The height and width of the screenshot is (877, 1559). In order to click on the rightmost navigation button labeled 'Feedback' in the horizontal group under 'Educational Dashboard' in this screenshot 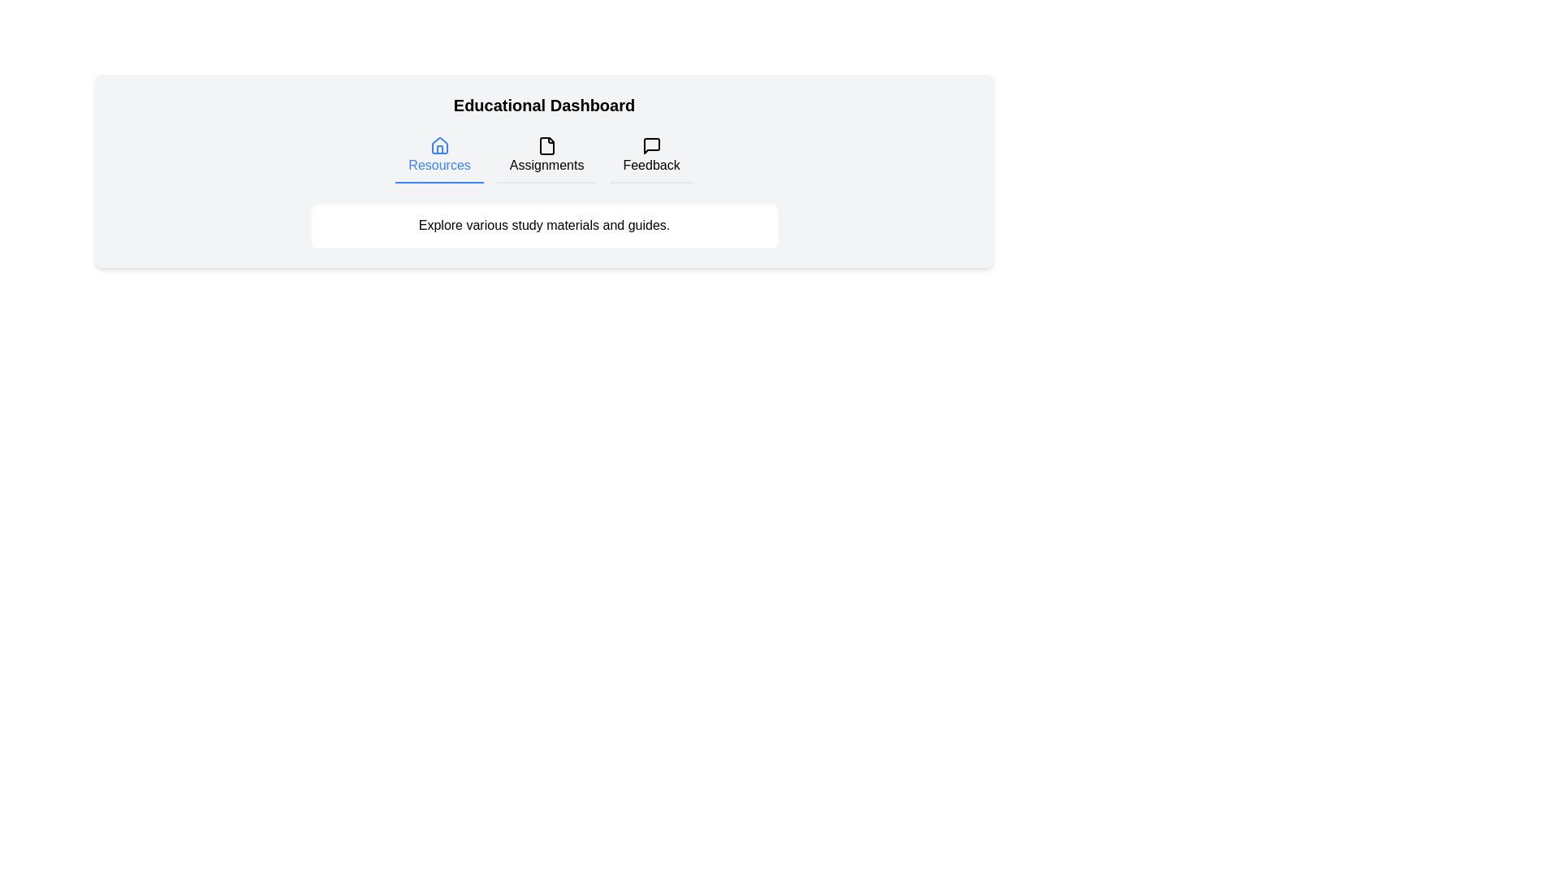, I will do `click(651, 156)`.